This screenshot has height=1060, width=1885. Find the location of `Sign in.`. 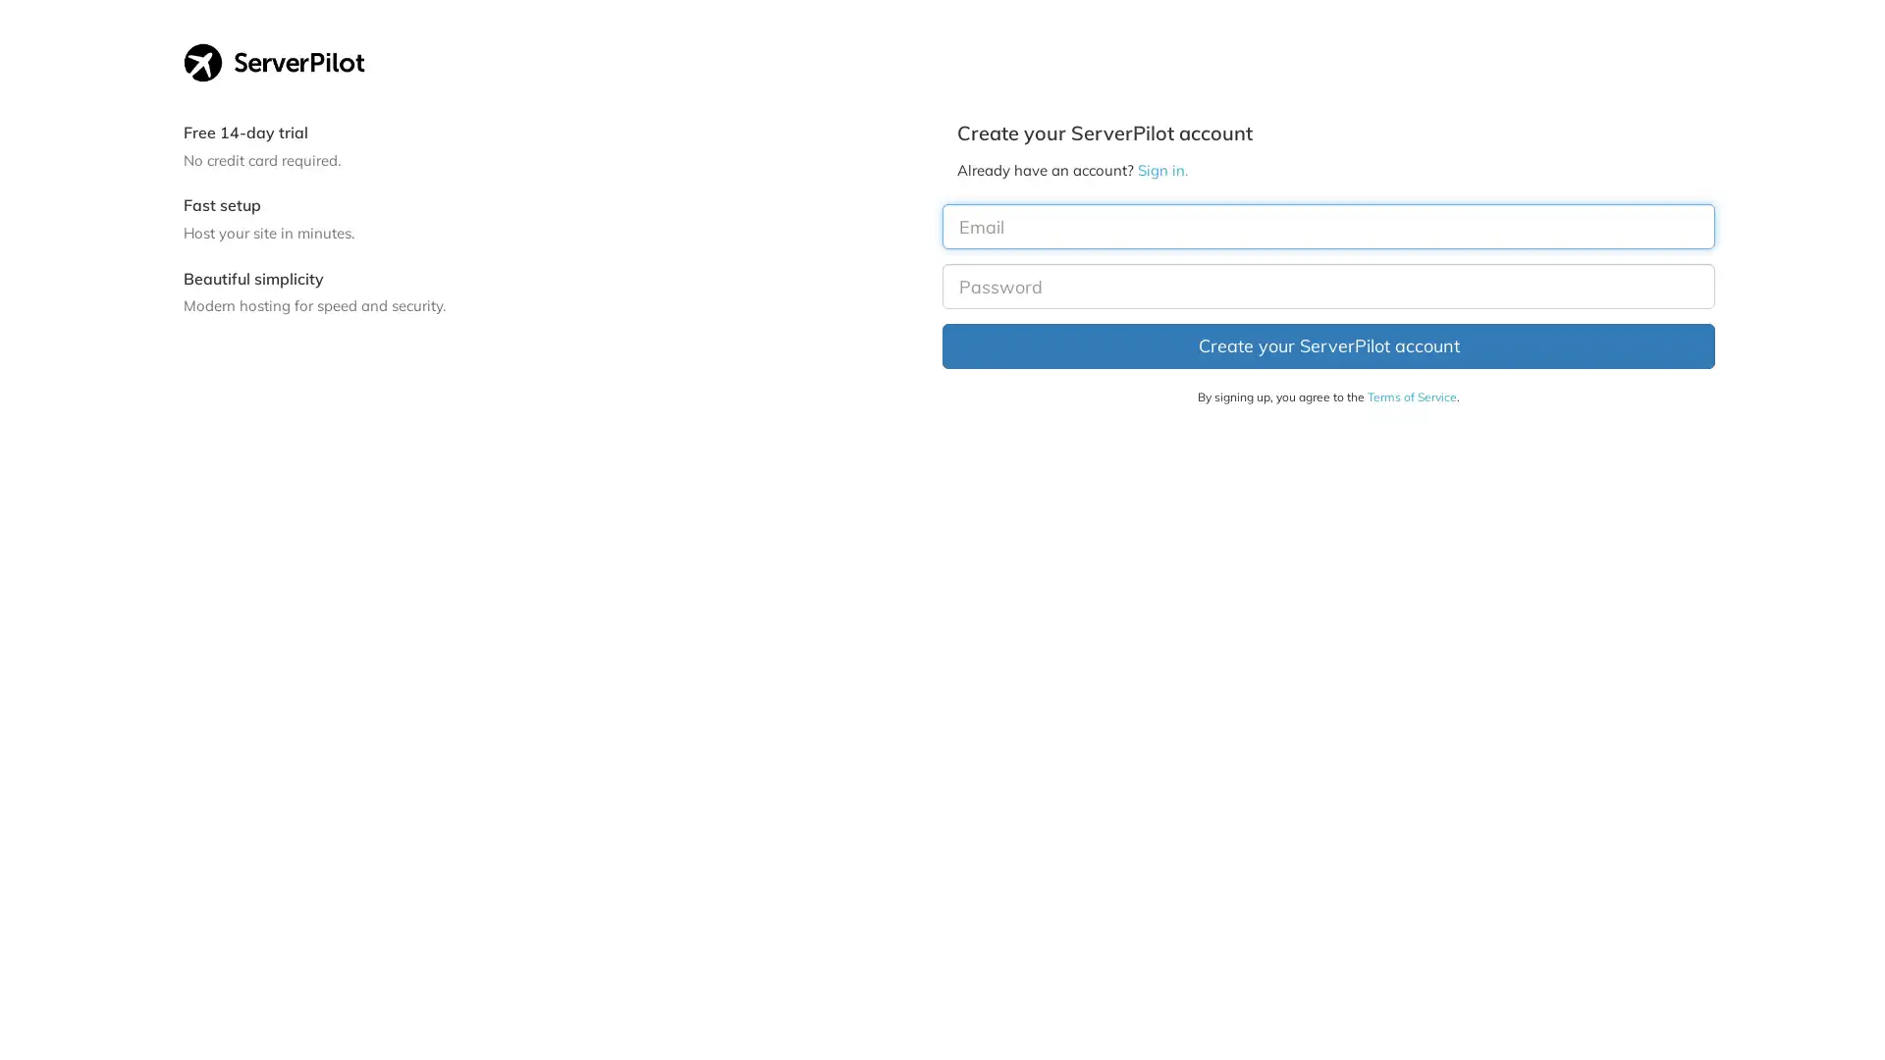

Sign in. is located at coordinates (1161, 169).